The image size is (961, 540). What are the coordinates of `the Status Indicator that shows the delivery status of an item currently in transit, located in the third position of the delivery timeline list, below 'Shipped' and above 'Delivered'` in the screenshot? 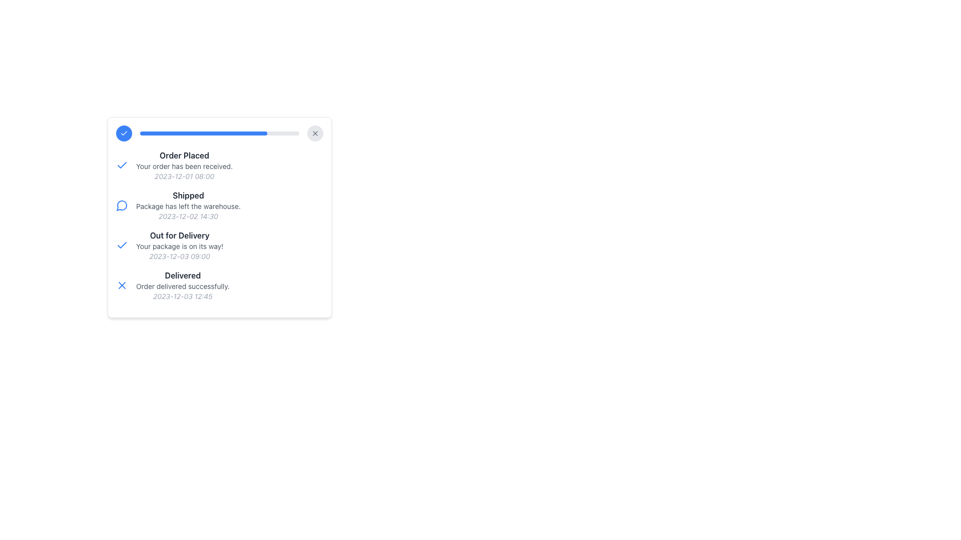 It's located at (219, 245).